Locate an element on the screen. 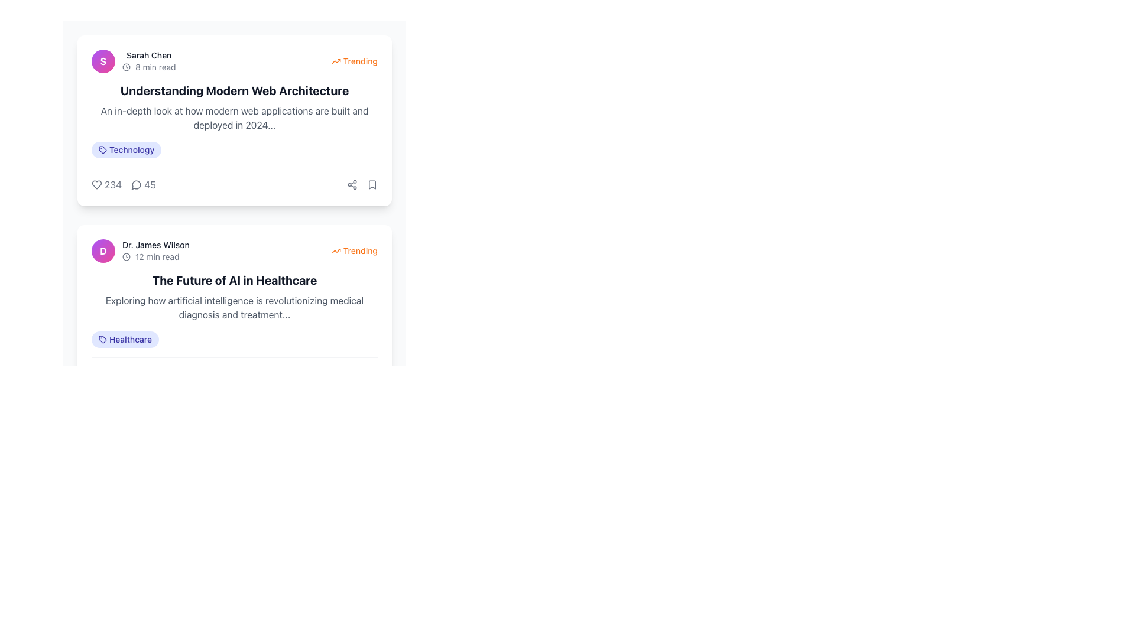 This screenshot has width=1135, height=638. the 'Trending' label in orange color with a bold font style, located in the upper-right corner of the card under the header 'The Future of AI in Healthcare', to understand the trend status is located at coordinates (359, 250).